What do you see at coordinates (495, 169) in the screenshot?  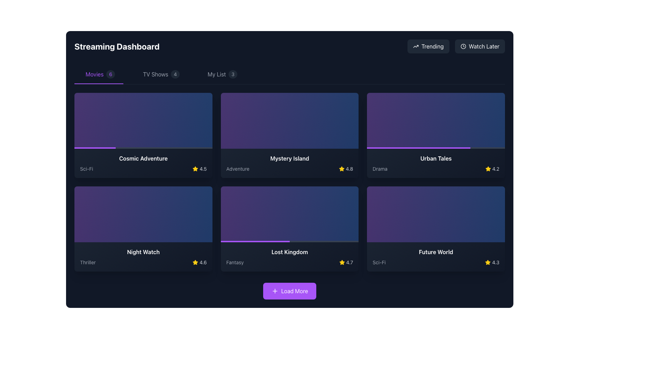 I see `rating number displayed as '4.2' in light gray color, located next to the yellow star icon within the 'Urban Tales' movie card` at bounding box center [495, 169].